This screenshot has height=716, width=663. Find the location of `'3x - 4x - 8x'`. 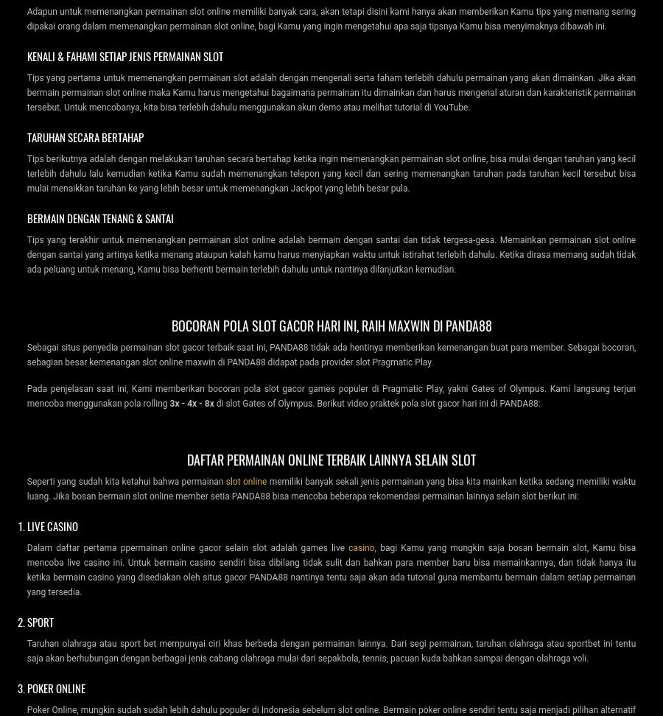

'3x - 4x - 8x' is located at coordinates (191, 403).